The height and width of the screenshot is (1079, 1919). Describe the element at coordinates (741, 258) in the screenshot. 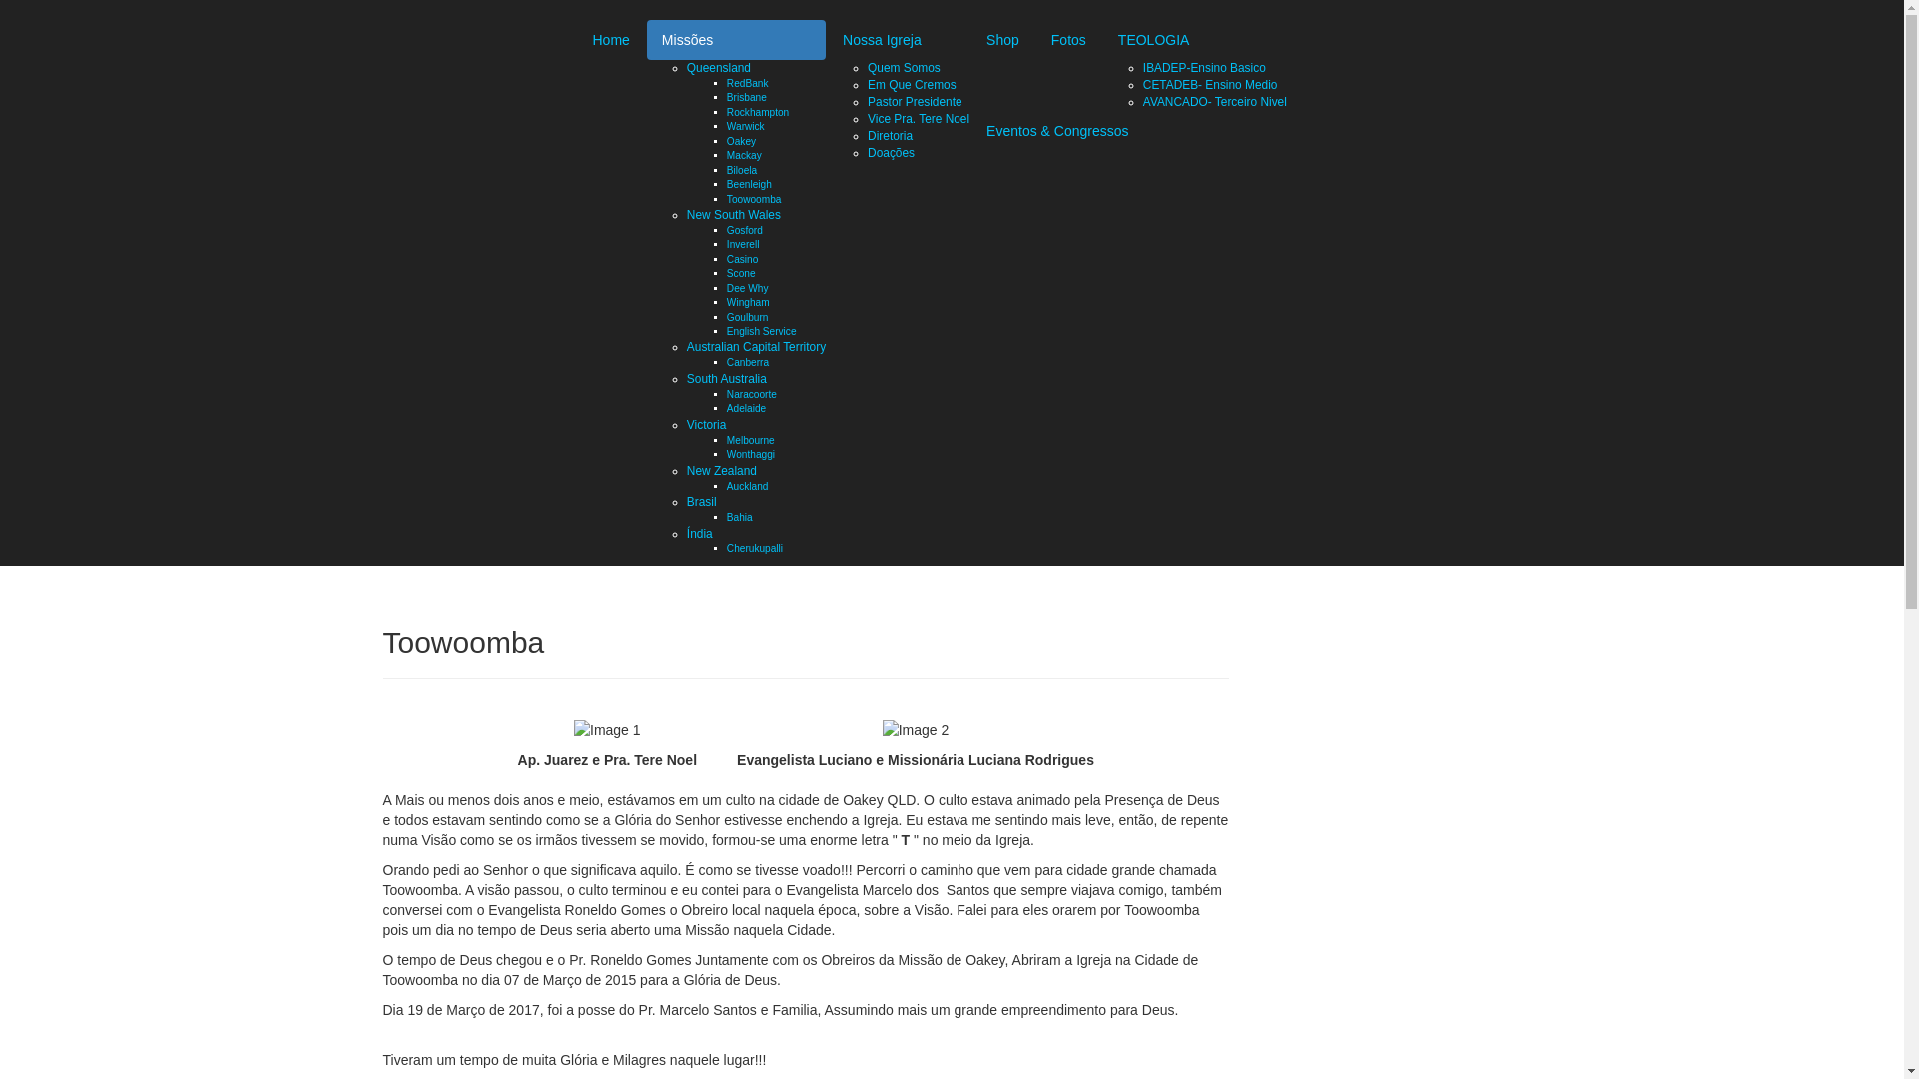

I see `'Casino'` at that location.